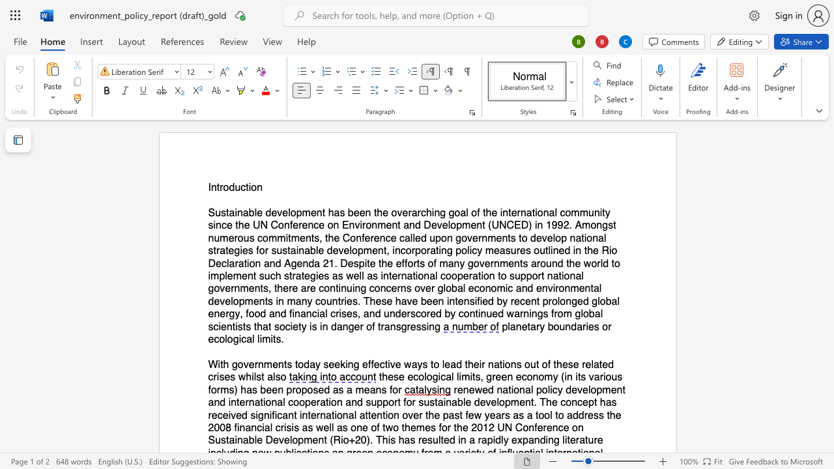  Describe the element at coordinates (248, 377) in the screenshot. I see `the 4th character "h" in the text` at that location.